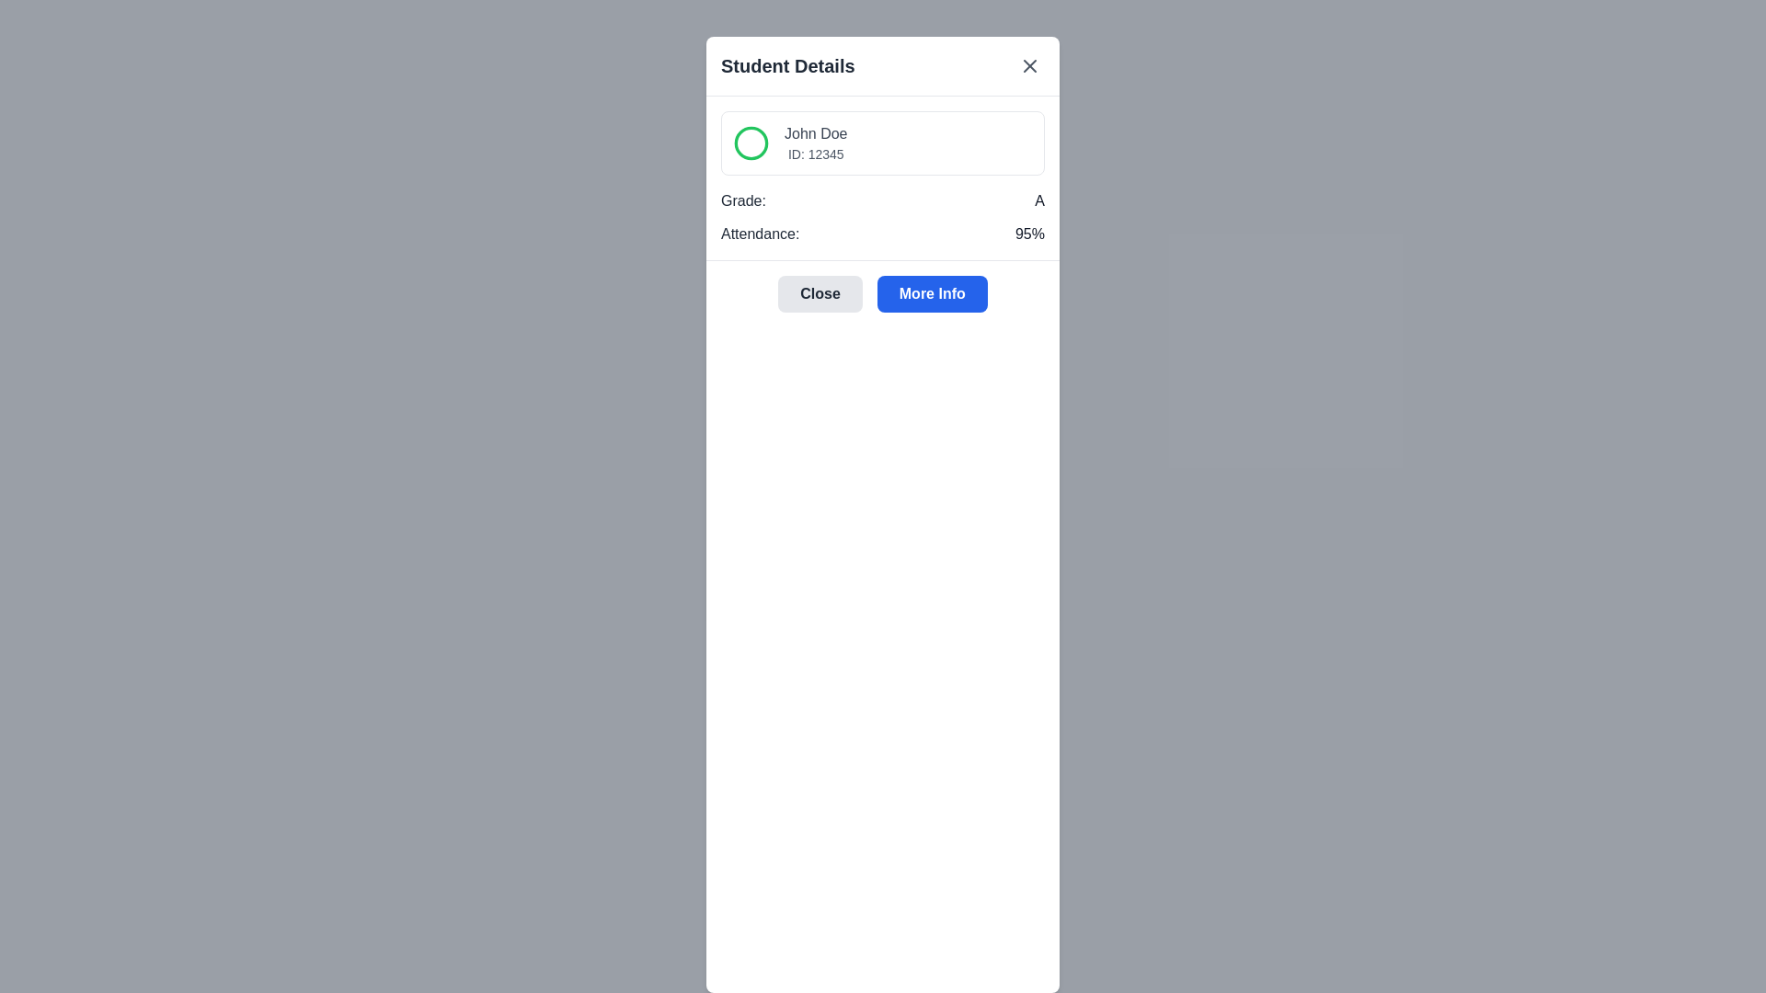 The height and width of the screenshot is (993, 1766). What do you see at coordinates (932, 293) in the screenshot?
I see `the interactive button for additional information about the context shown in the modal, which is positioned to the right of the 'Close' button and aligned horizontally within the content area` at bounding box center [932, 293].